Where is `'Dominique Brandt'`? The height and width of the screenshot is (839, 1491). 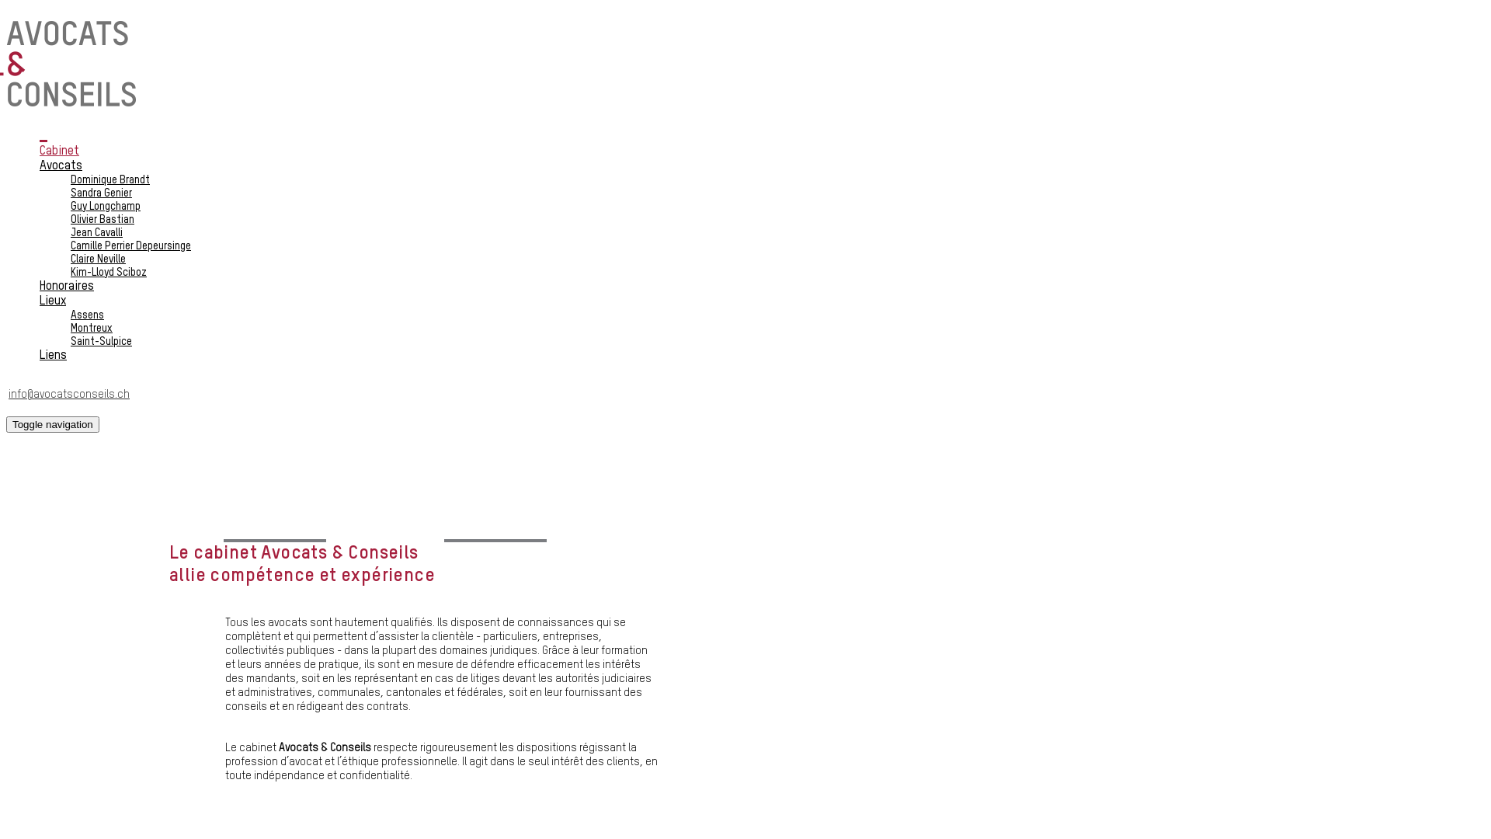
'Dominique Brandt' is located at coordinates (109, 179).